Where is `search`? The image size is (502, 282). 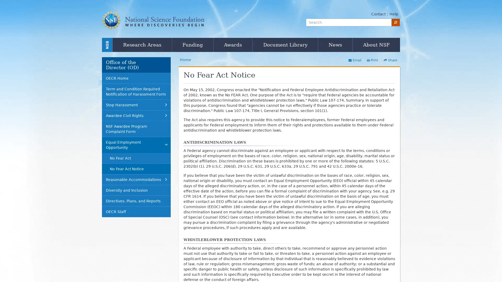 search is located at coordinates (396, 22).